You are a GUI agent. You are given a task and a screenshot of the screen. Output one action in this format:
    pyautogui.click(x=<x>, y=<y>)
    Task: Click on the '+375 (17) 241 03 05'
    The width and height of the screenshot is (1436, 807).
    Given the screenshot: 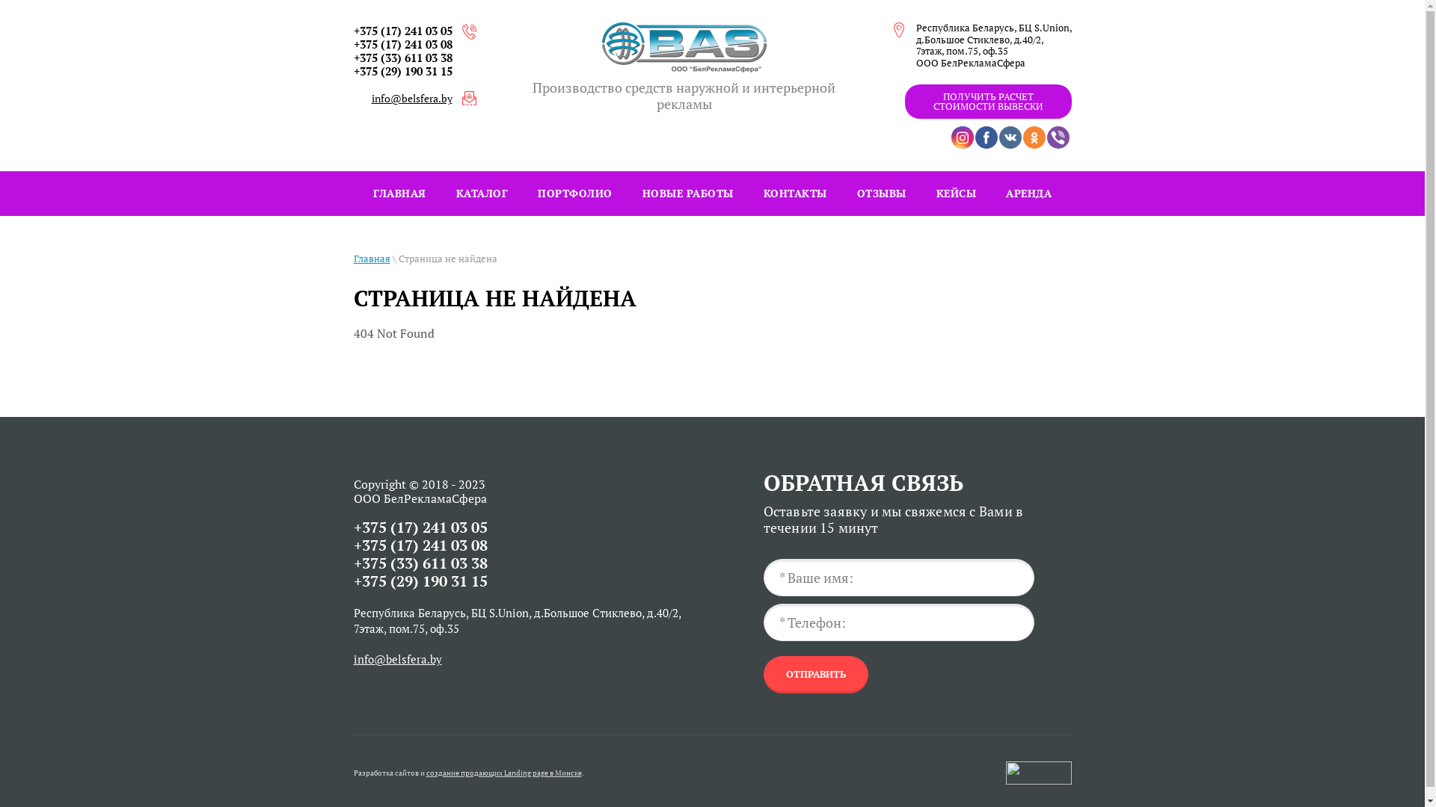 What is the action you would take?
    pyautogui.click(x=402, y=31)
    